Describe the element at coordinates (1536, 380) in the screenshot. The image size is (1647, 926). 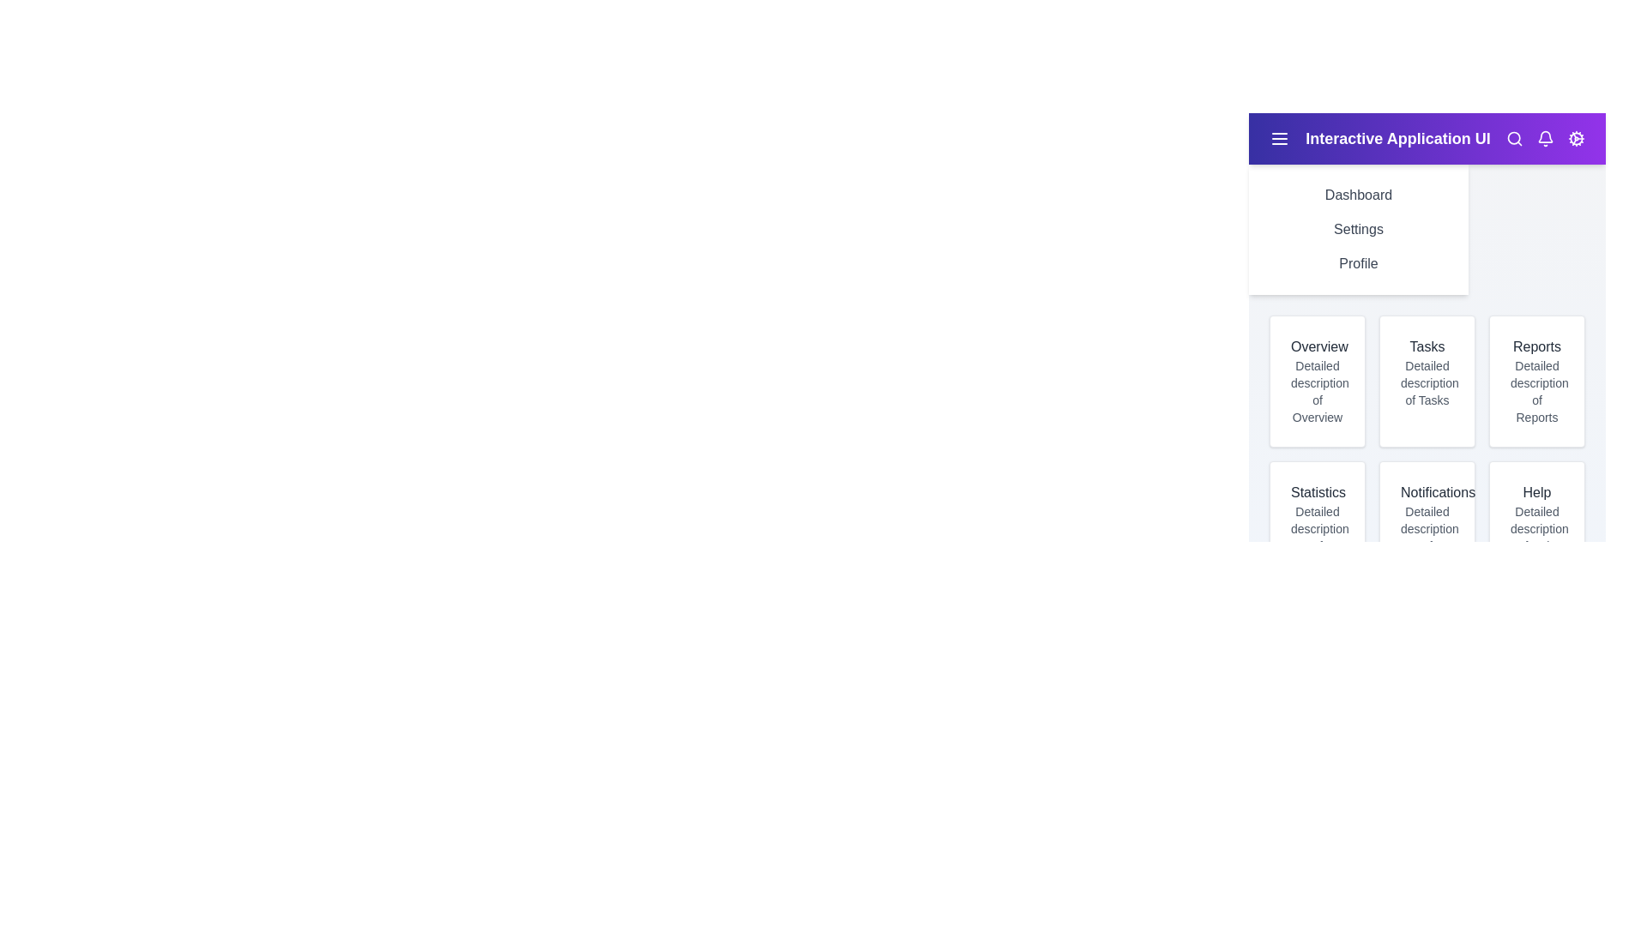
I see `the Reports card to interact with its content` at that location.